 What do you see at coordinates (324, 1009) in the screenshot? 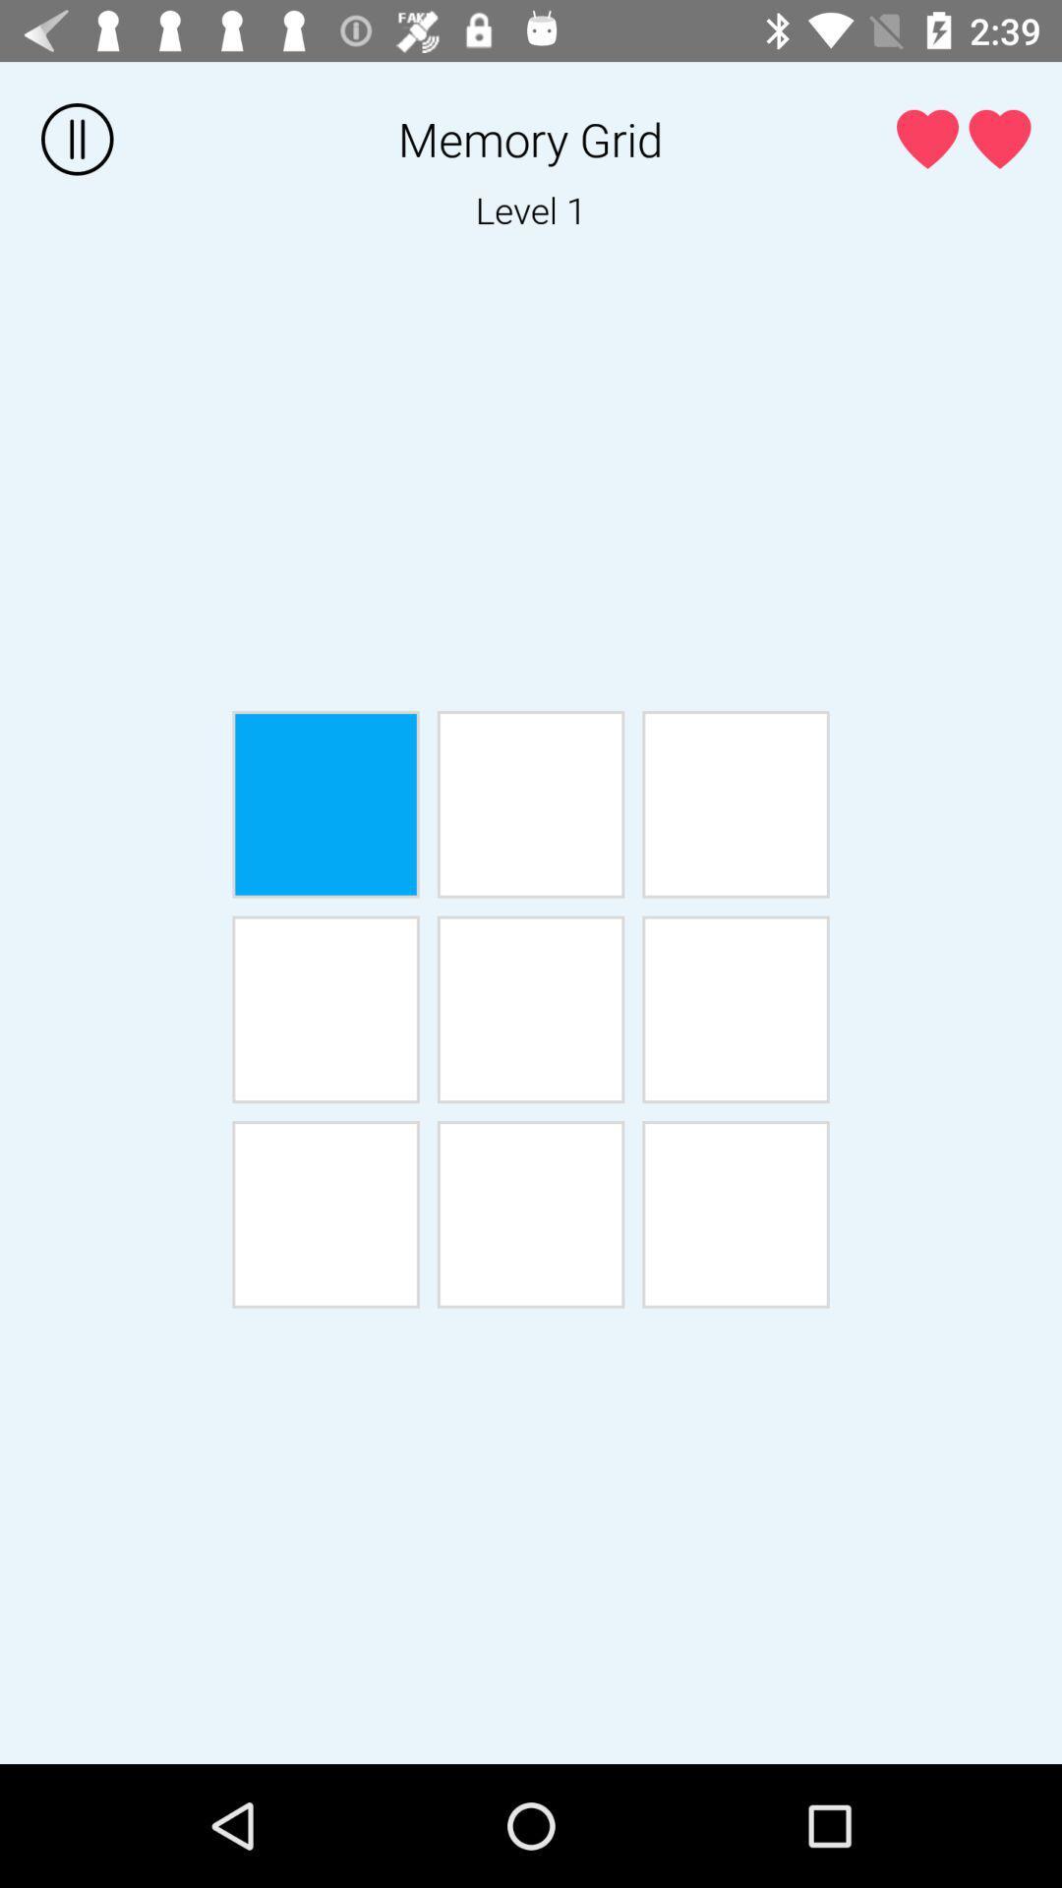
I see `go back` at bounding box center [324, 1009].